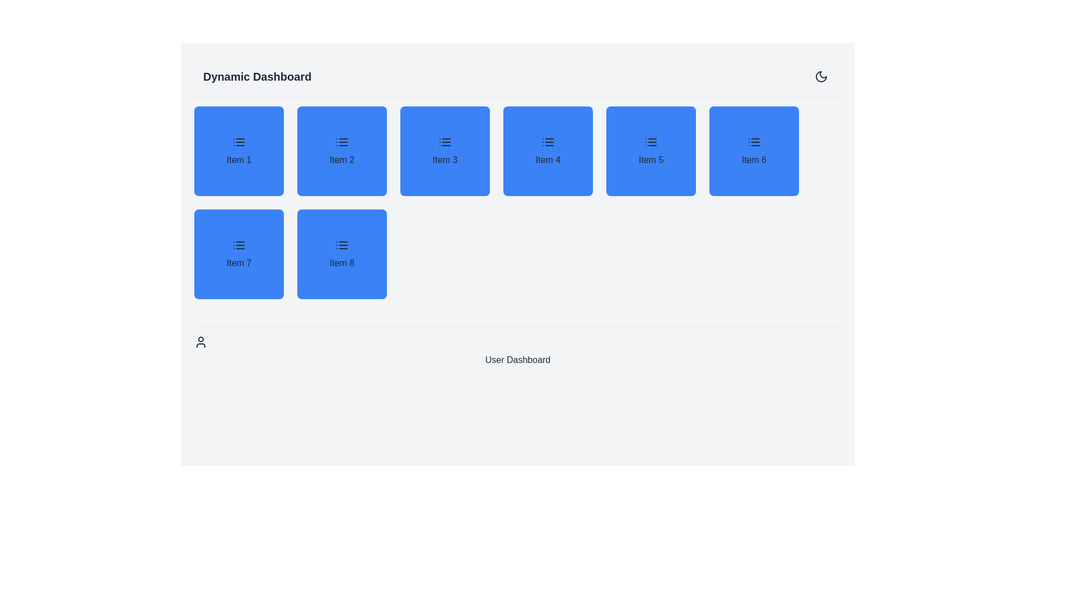 This screenshot has width=1075, height=605. What do you see at coordinates (754, 160) in the screenshot?
I see `text 'Item 6' from the blue rectangular button styled with a dark font, located in the top row of the grid layout as the last element` at bounding box center [754, 160].